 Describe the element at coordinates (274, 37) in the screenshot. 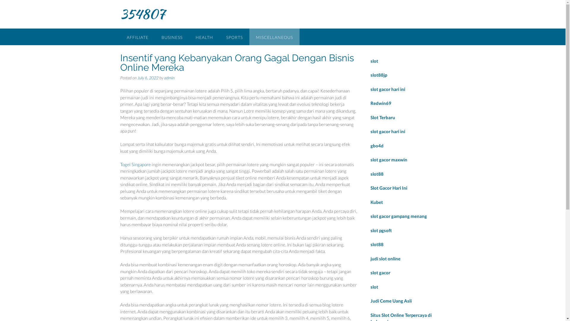

I see `'MISCELLANEOUS'` at that location.